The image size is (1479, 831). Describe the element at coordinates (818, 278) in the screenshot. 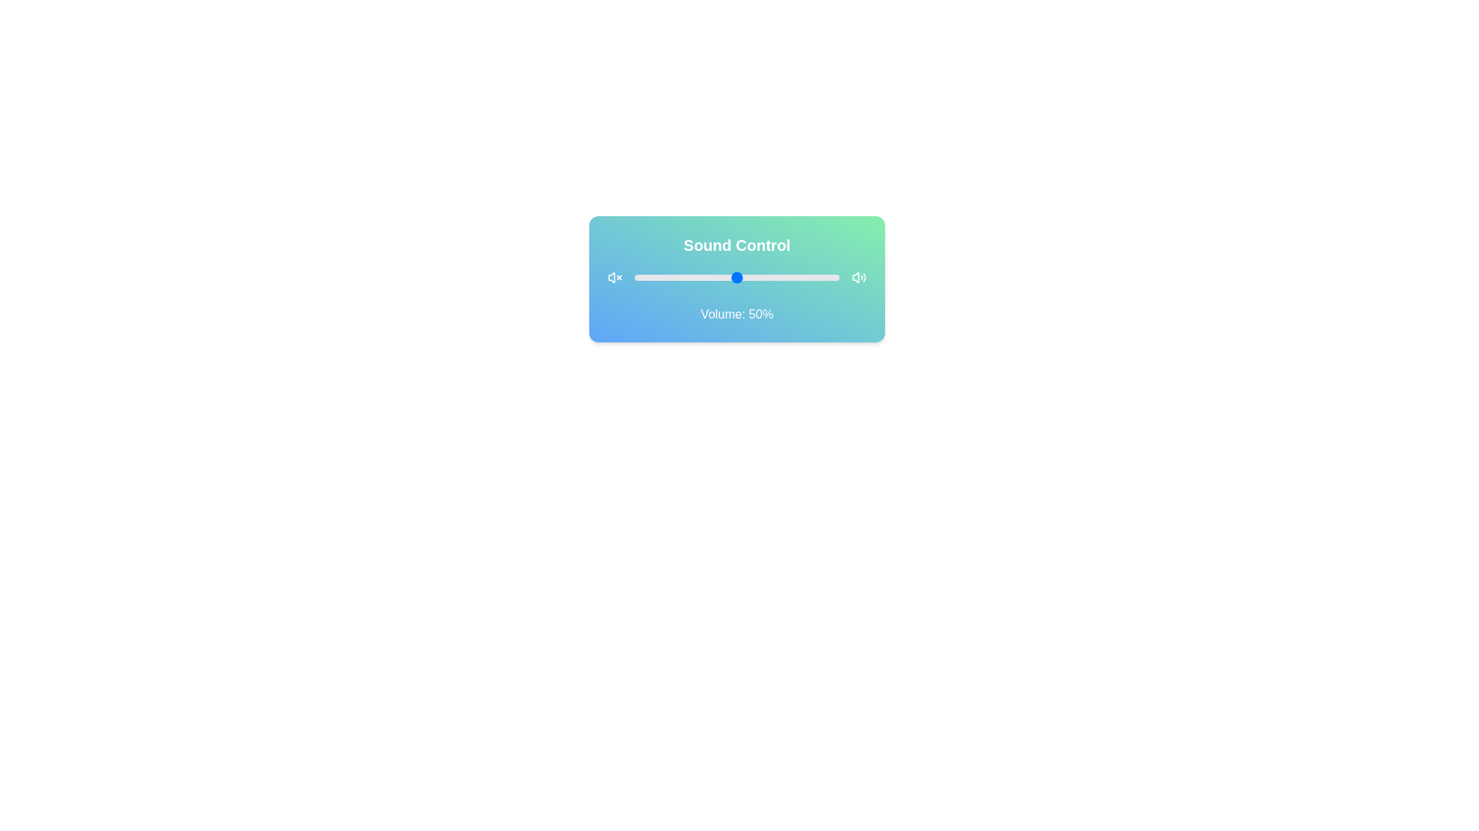

I see `the volume` at that location.